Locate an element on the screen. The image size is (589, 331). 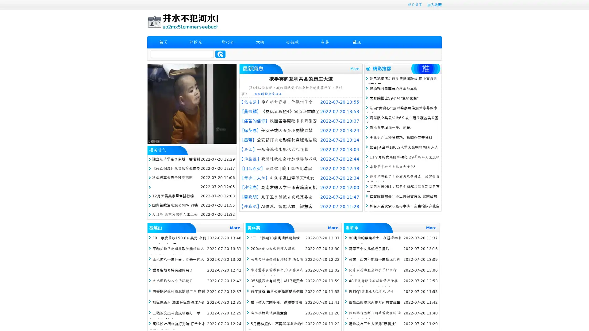
Search is located at coordinates (220, 54).